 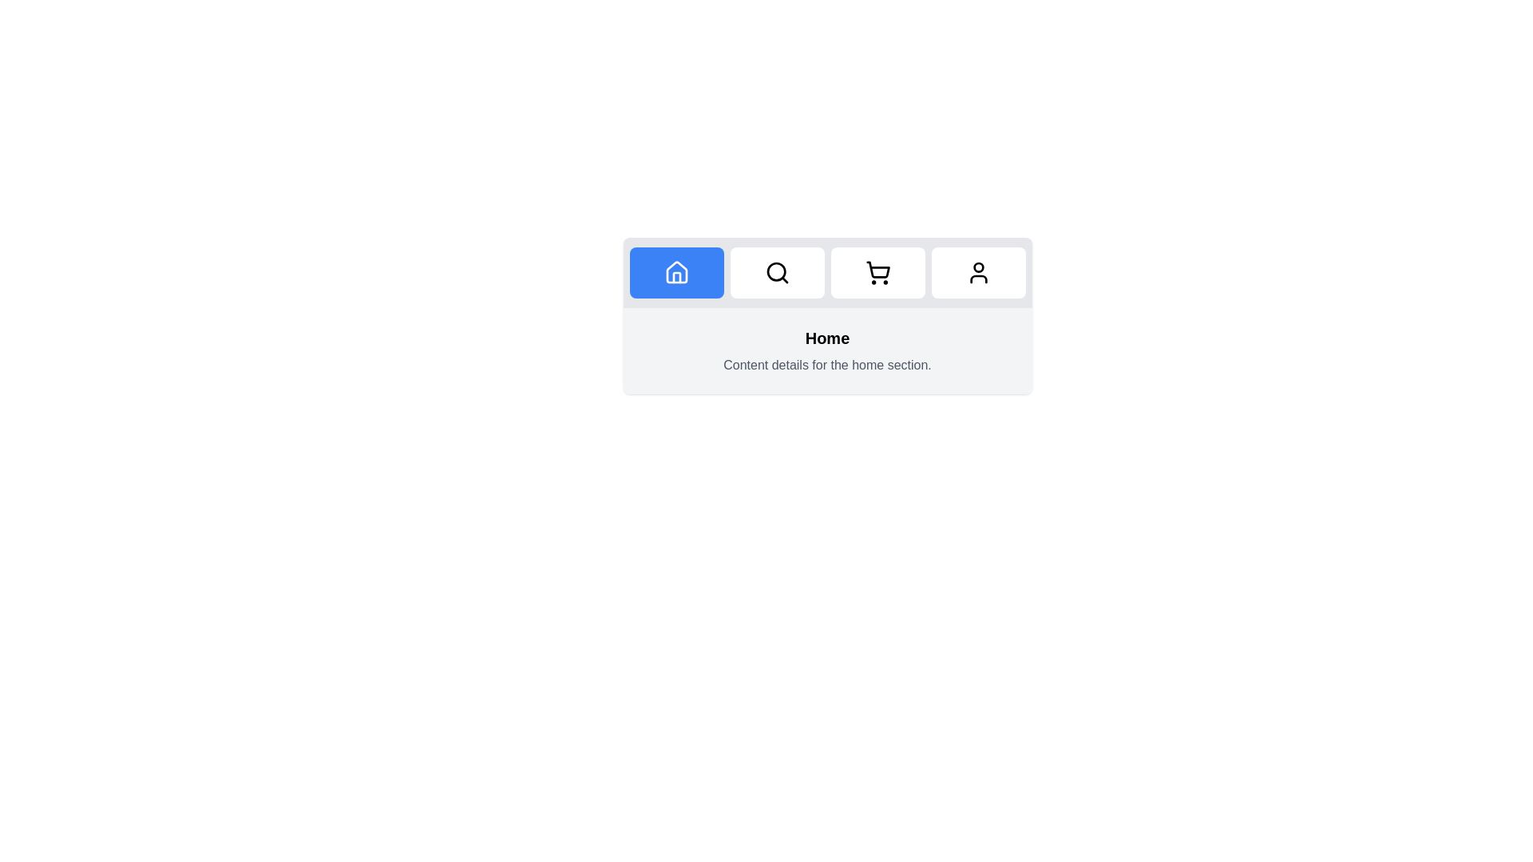 What do you see at coordinates (827, 338) in the screenshot?
I see `the 'Home' text label, which is a bold font element located in the upper section of a light gray box, centrally positioned above another text element and below a horizontal navigation menu` at bounding box center [827, 338].